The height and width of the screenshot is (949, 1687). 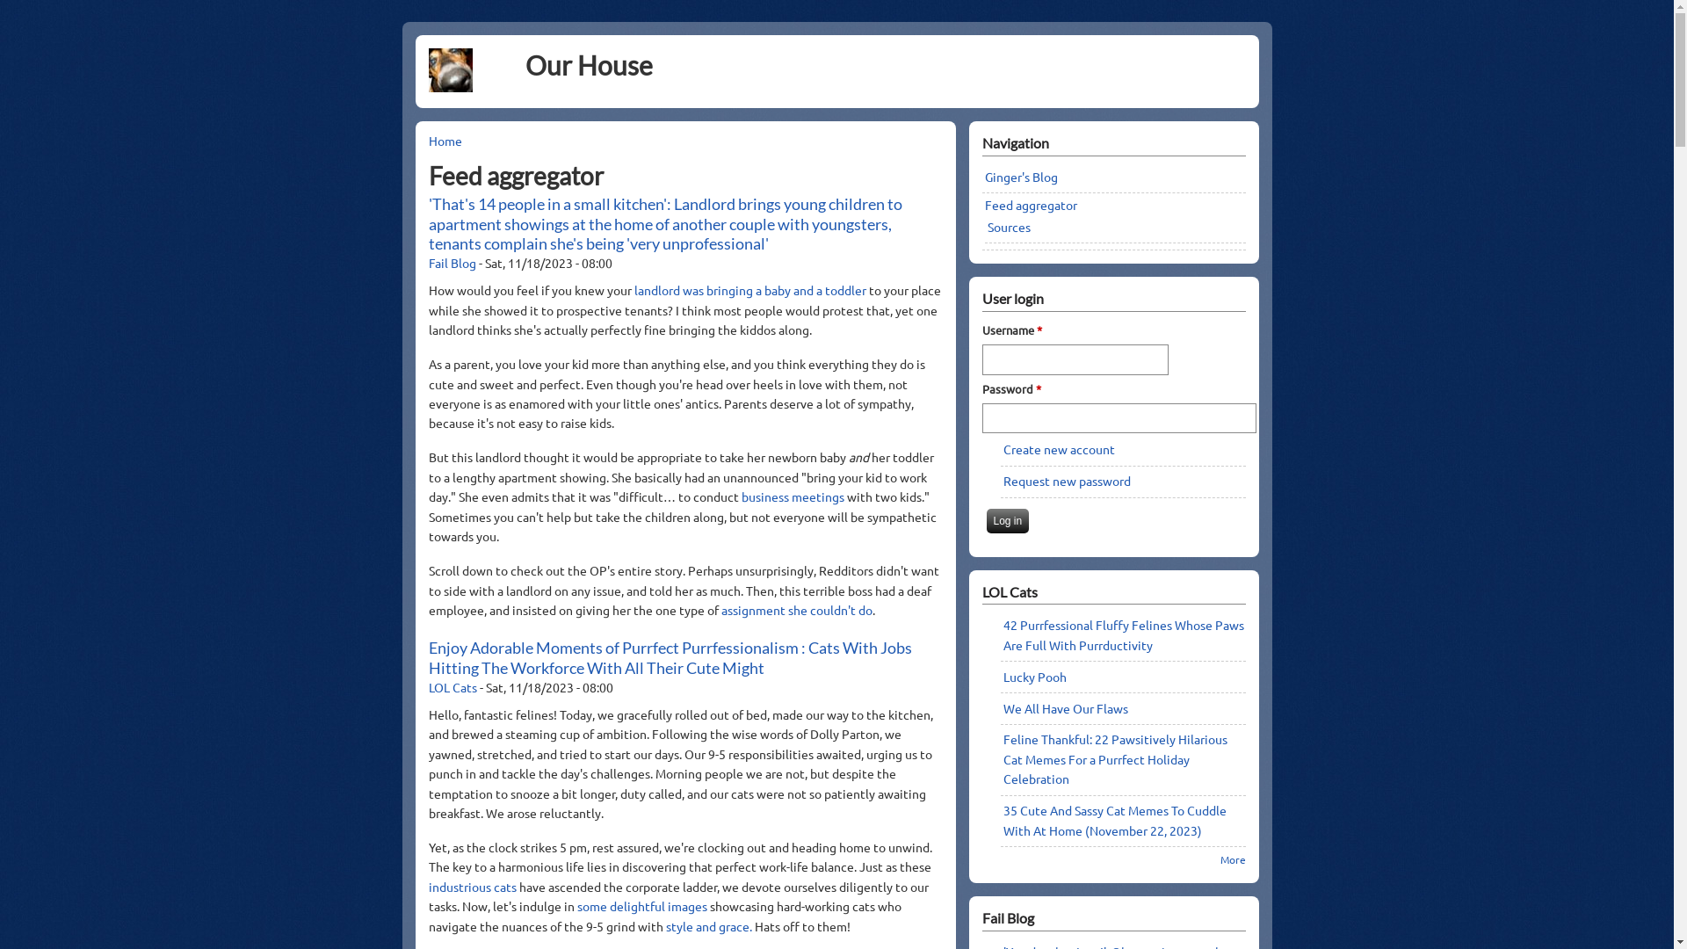 What do you see at coordinates (1003, 481) in the screenshot?
I see `'Request new password'` at bounding box center [1003, 481].